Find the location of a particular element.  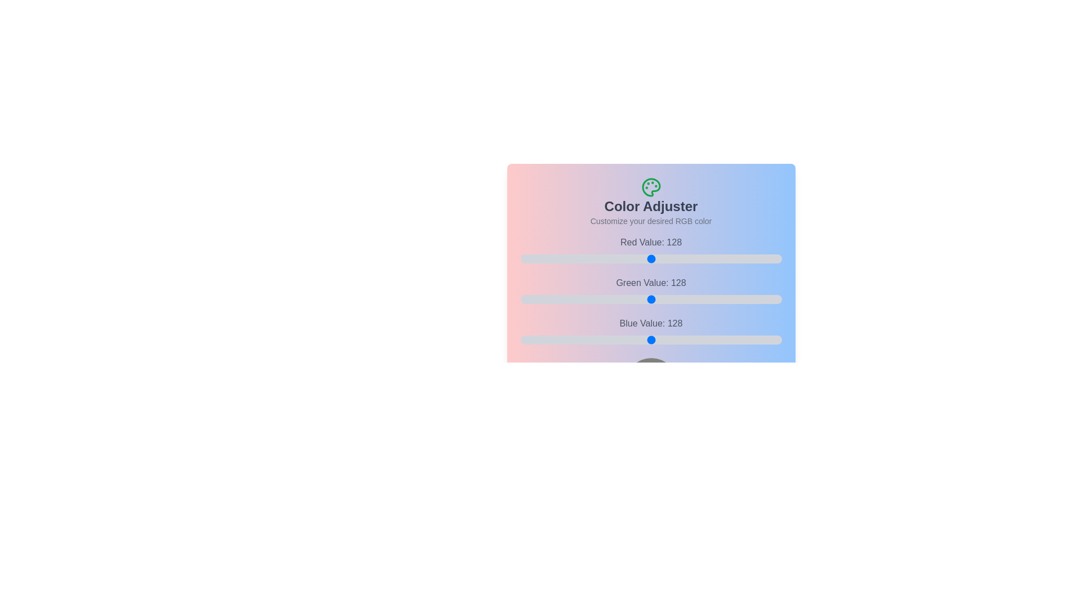

the 0 slider to 194 is located at coordinates (751, 258).